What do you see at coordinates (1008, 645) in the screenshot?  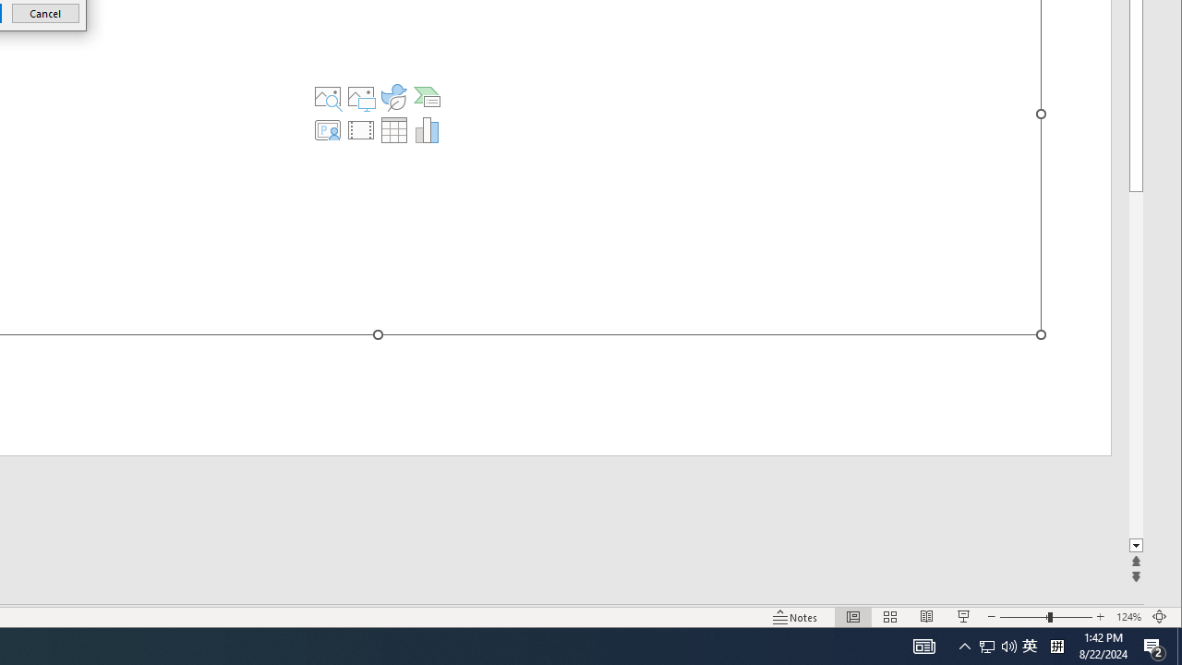 I see `'Q2790: 100%'` at bounding box center [1008, 645].